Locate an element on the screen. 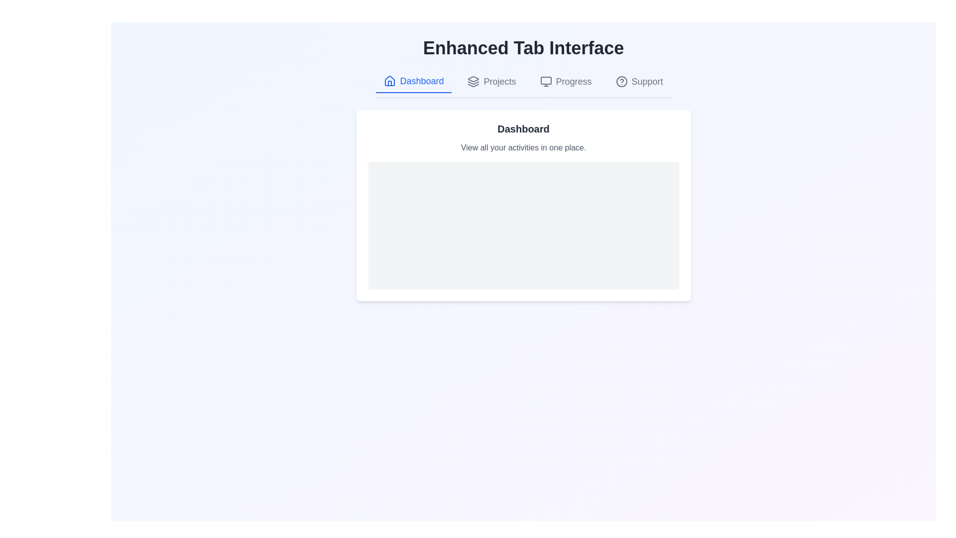 Image resolution: width=956 pixels, height=538 pixels. the tab labeled Dashboard to observe the hover effect is located at coordinates (414, 81).